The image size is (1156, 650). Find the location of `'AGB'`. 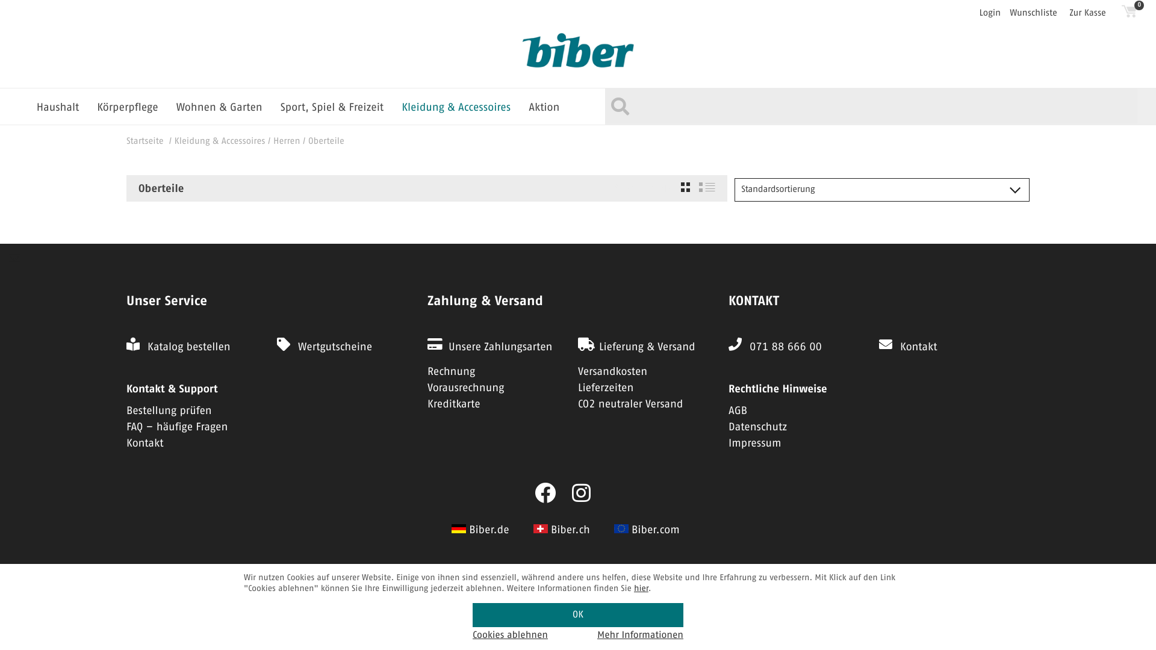

'AGB' is located at coordinates (737, 410).